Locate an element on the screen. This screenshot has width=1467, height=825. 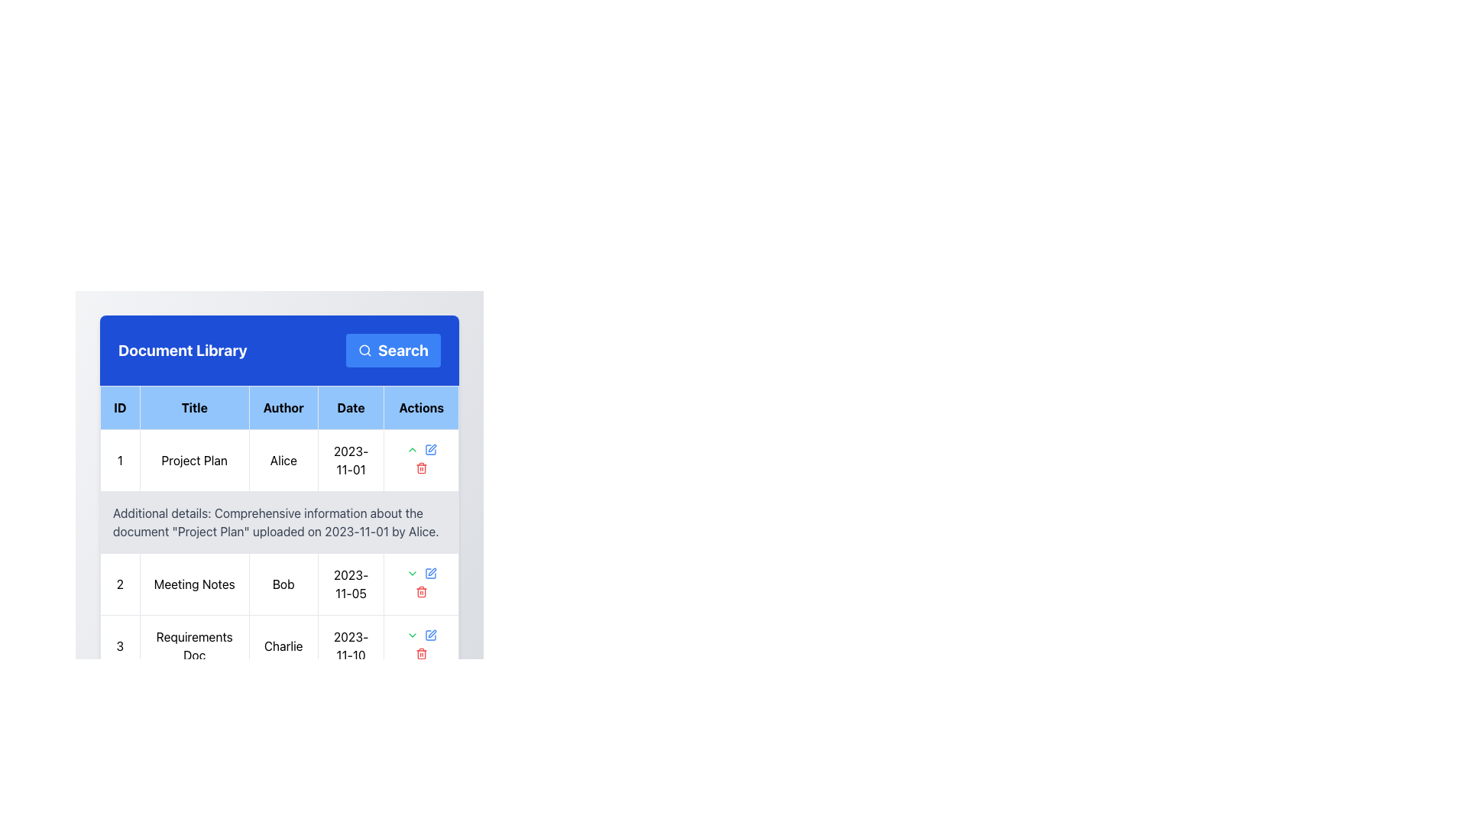
the text label that serves as the fifth column header in the table, located in the top right section adjacent to the 'Date' column is located at coordinates (421, 406).